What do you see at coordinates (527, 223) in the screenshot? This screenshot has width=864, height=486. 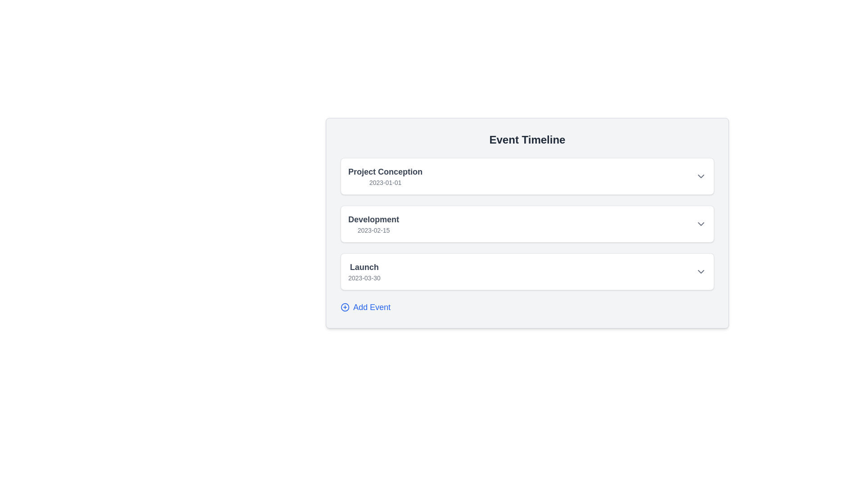 I see `the second entry in the timeline card styled section with a white background, rounded corners, and shadow effect that contains the title 'Development' and subtitle '2023-02-15' to interact with it` at bounding box center [527, 223].